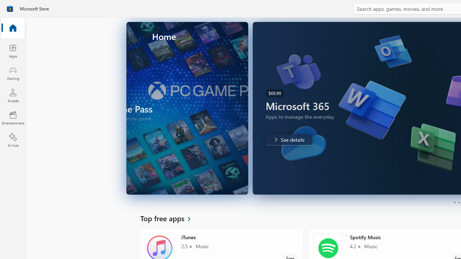 This screenshot has height=259, width=461. What do you see at coordinates (13, 140) in the screenshot?
I see `'AI Hub'` at bounding box center [13, 140].